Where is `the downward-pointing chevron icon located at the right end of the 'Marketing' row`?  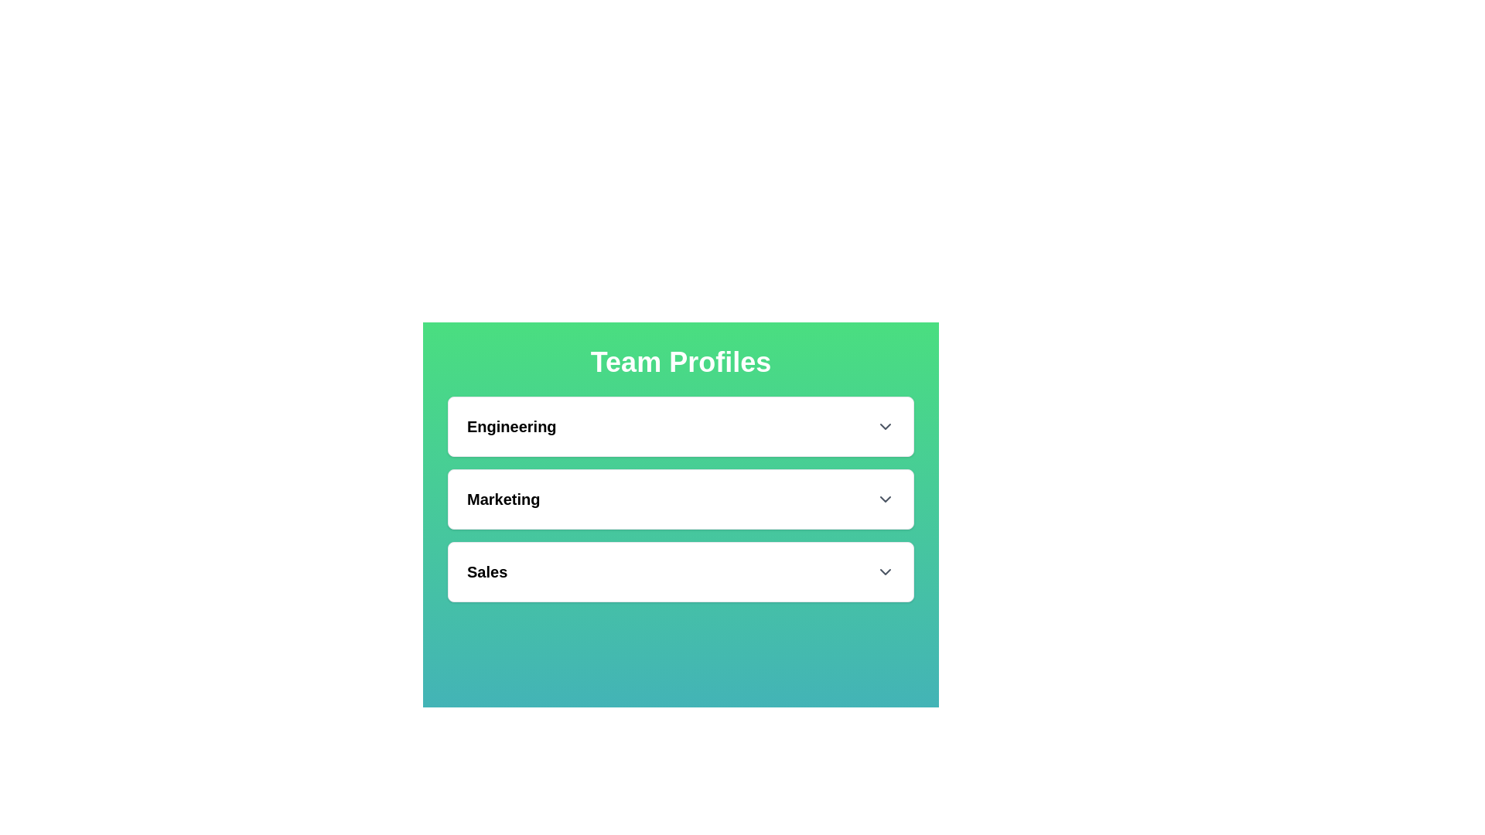 the downward-pointing chevron icon located at the right end of the 'Marketing' row is located at coordinates (886, 499).